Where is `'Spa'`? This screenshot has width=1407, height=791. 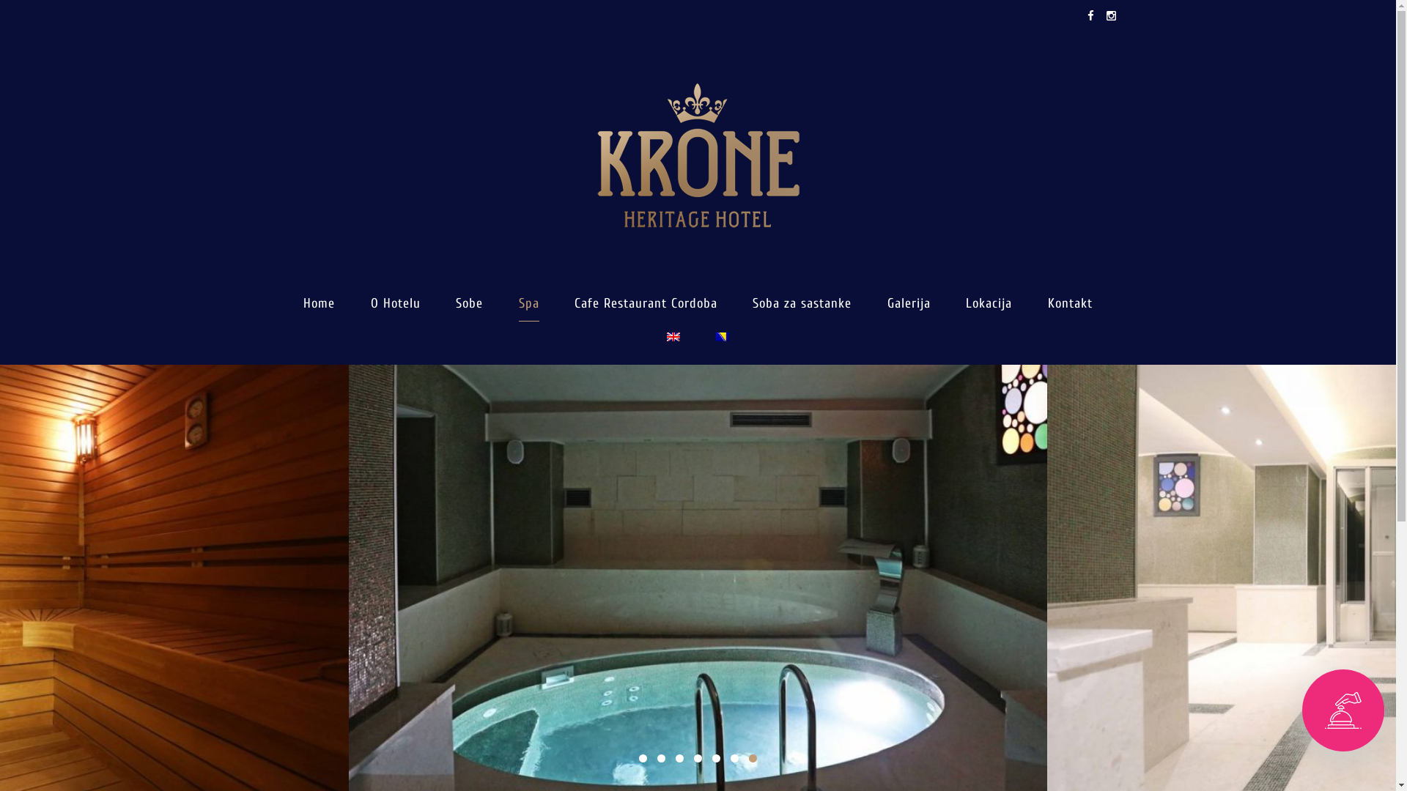
'Spa' is located at coordinates (528, 303).